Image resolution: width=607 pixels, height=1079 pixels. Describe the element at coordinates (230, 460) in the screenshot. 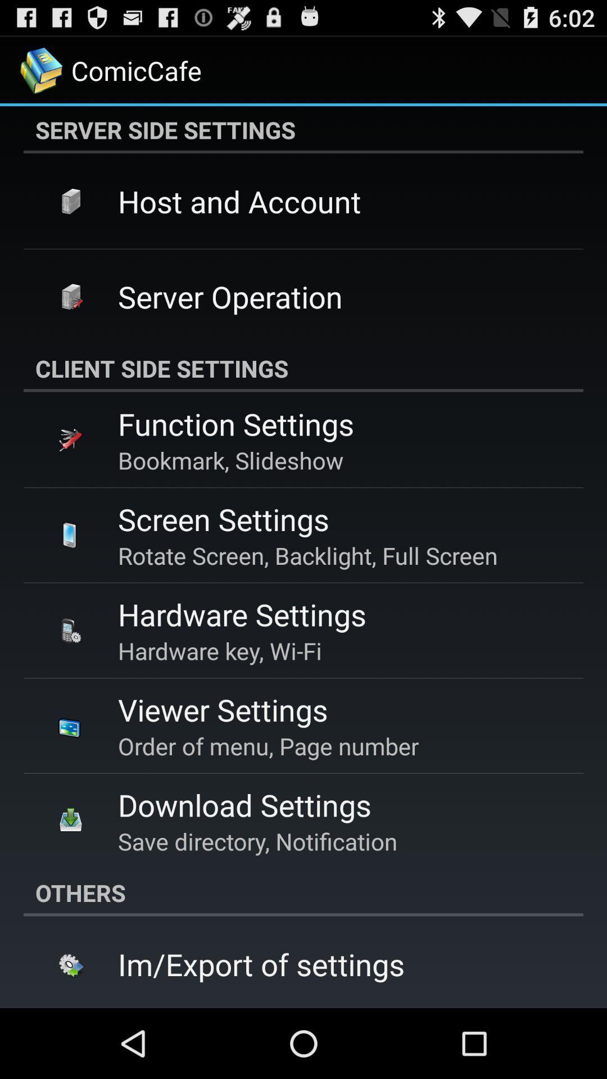

I see `icon above screen settings` at that location.